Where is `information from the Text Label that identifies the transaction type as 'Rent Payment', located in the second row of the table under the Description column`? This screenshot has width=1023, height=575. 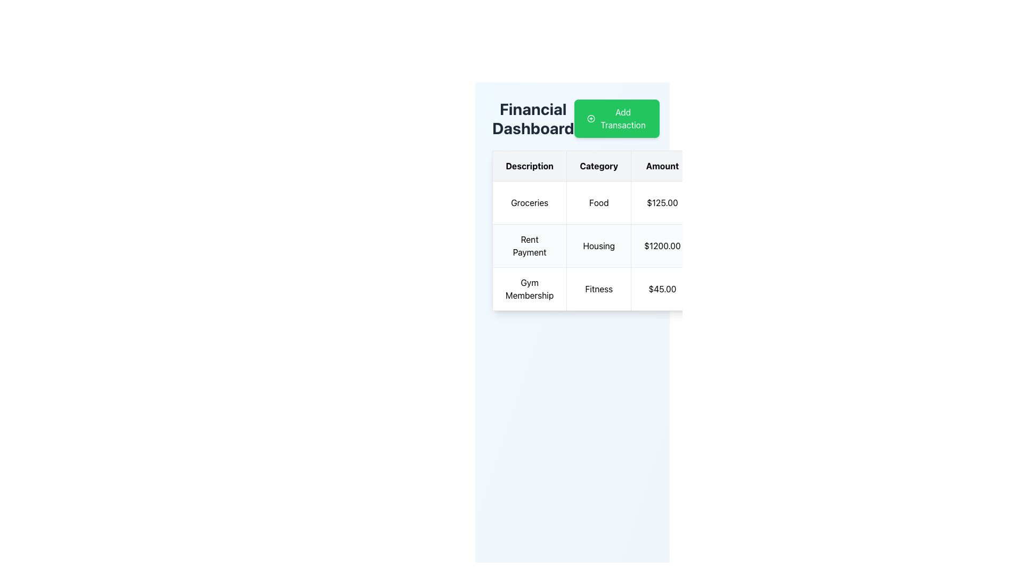 information from the Text Label that identifies the transaction type as 'Rent Payment', located in the second row of the table under the Description column is located at coordinates (530, 246).